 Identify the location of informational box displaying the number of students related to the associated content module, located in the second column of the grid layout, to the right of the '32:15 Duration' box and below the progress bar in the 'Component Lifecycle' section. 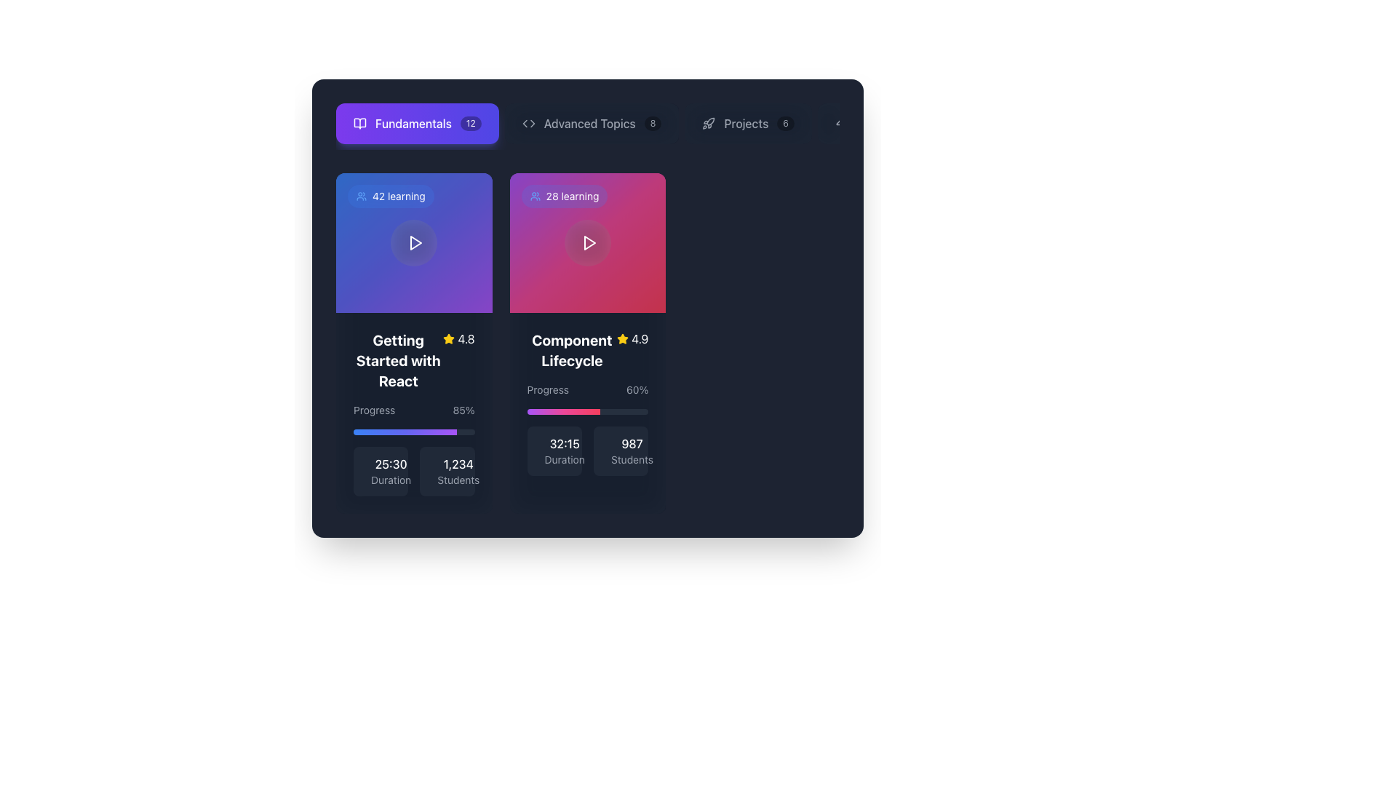
(621, 450).